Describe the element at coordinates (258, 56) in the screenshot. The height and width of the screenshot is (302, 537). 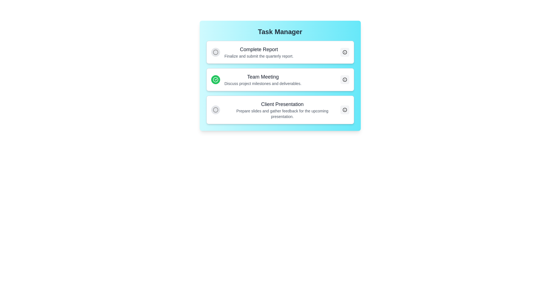
I see `the text label reading 'Finalize and submit the quarterly report.' which is styled in gray and located below the title 'Complete Report' in the task card` at that location.